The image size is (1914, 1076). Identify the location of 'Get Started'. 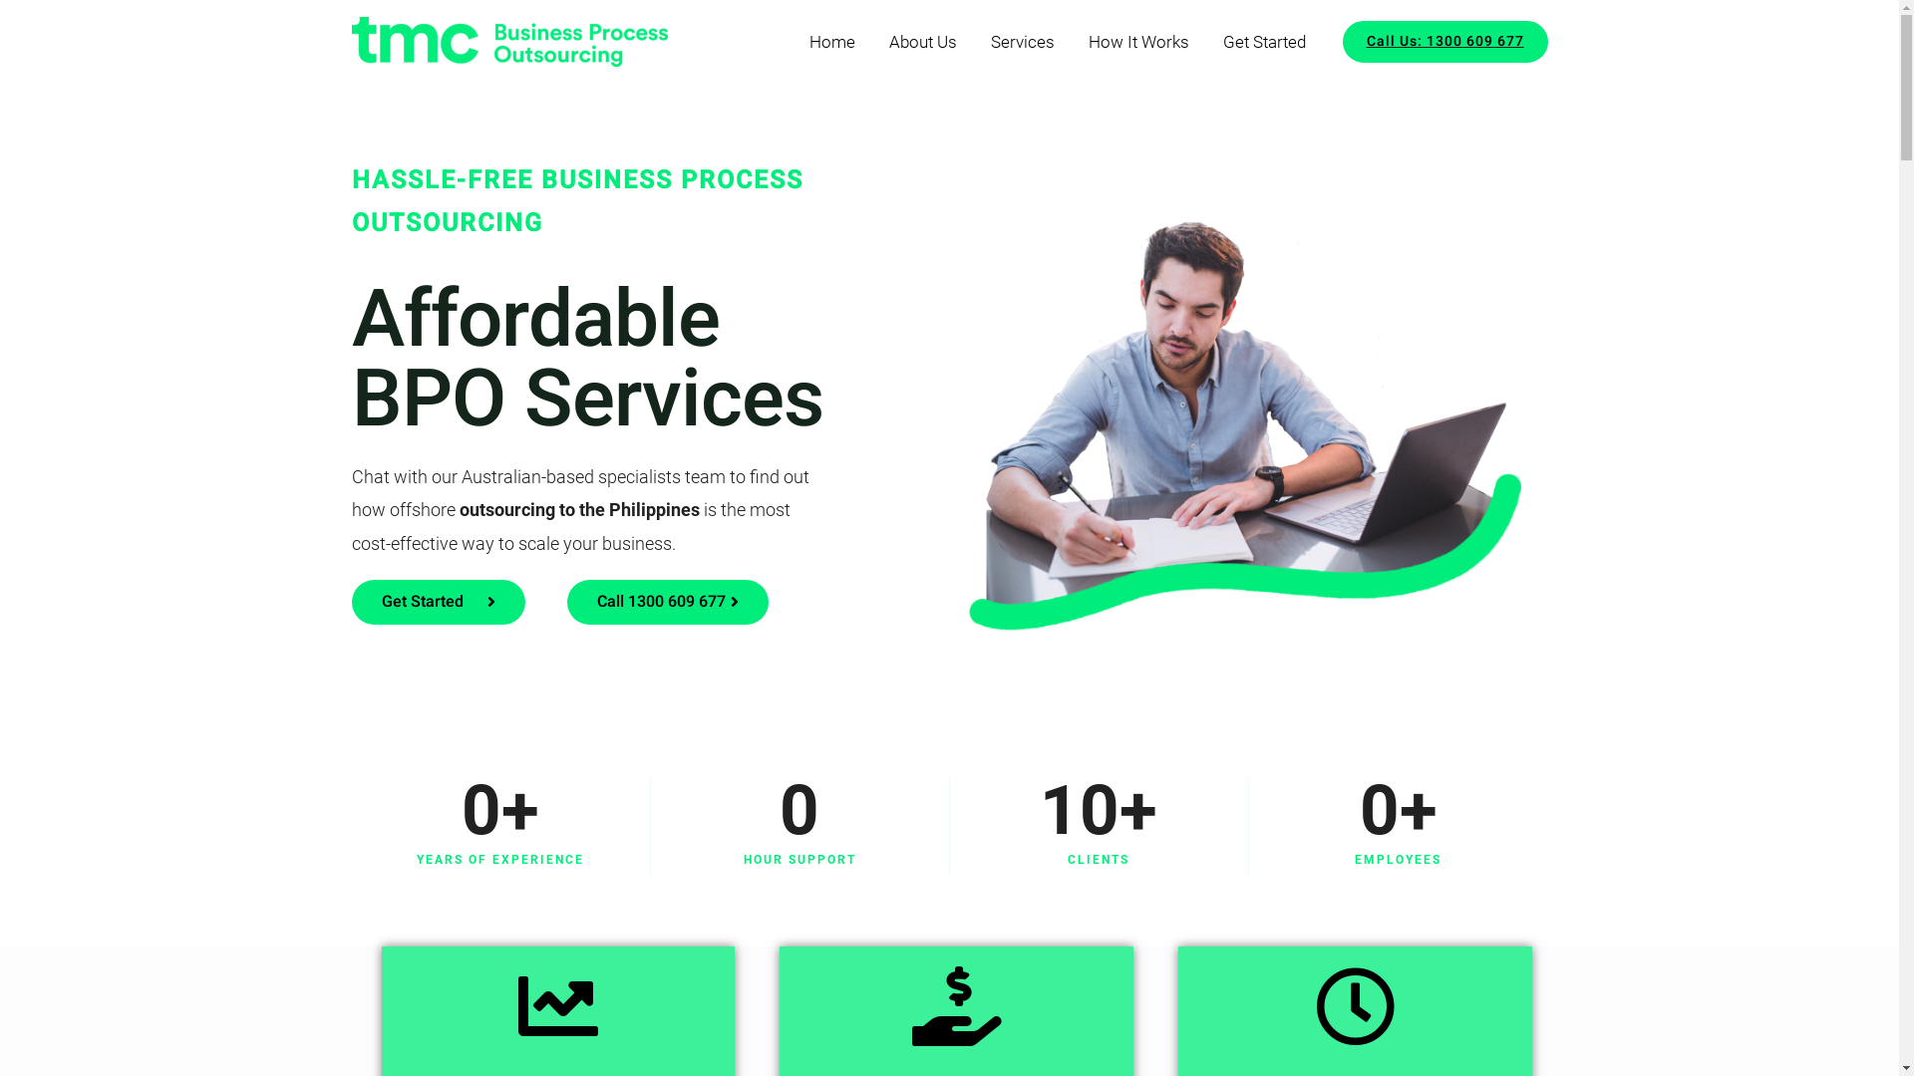
(436, 601).